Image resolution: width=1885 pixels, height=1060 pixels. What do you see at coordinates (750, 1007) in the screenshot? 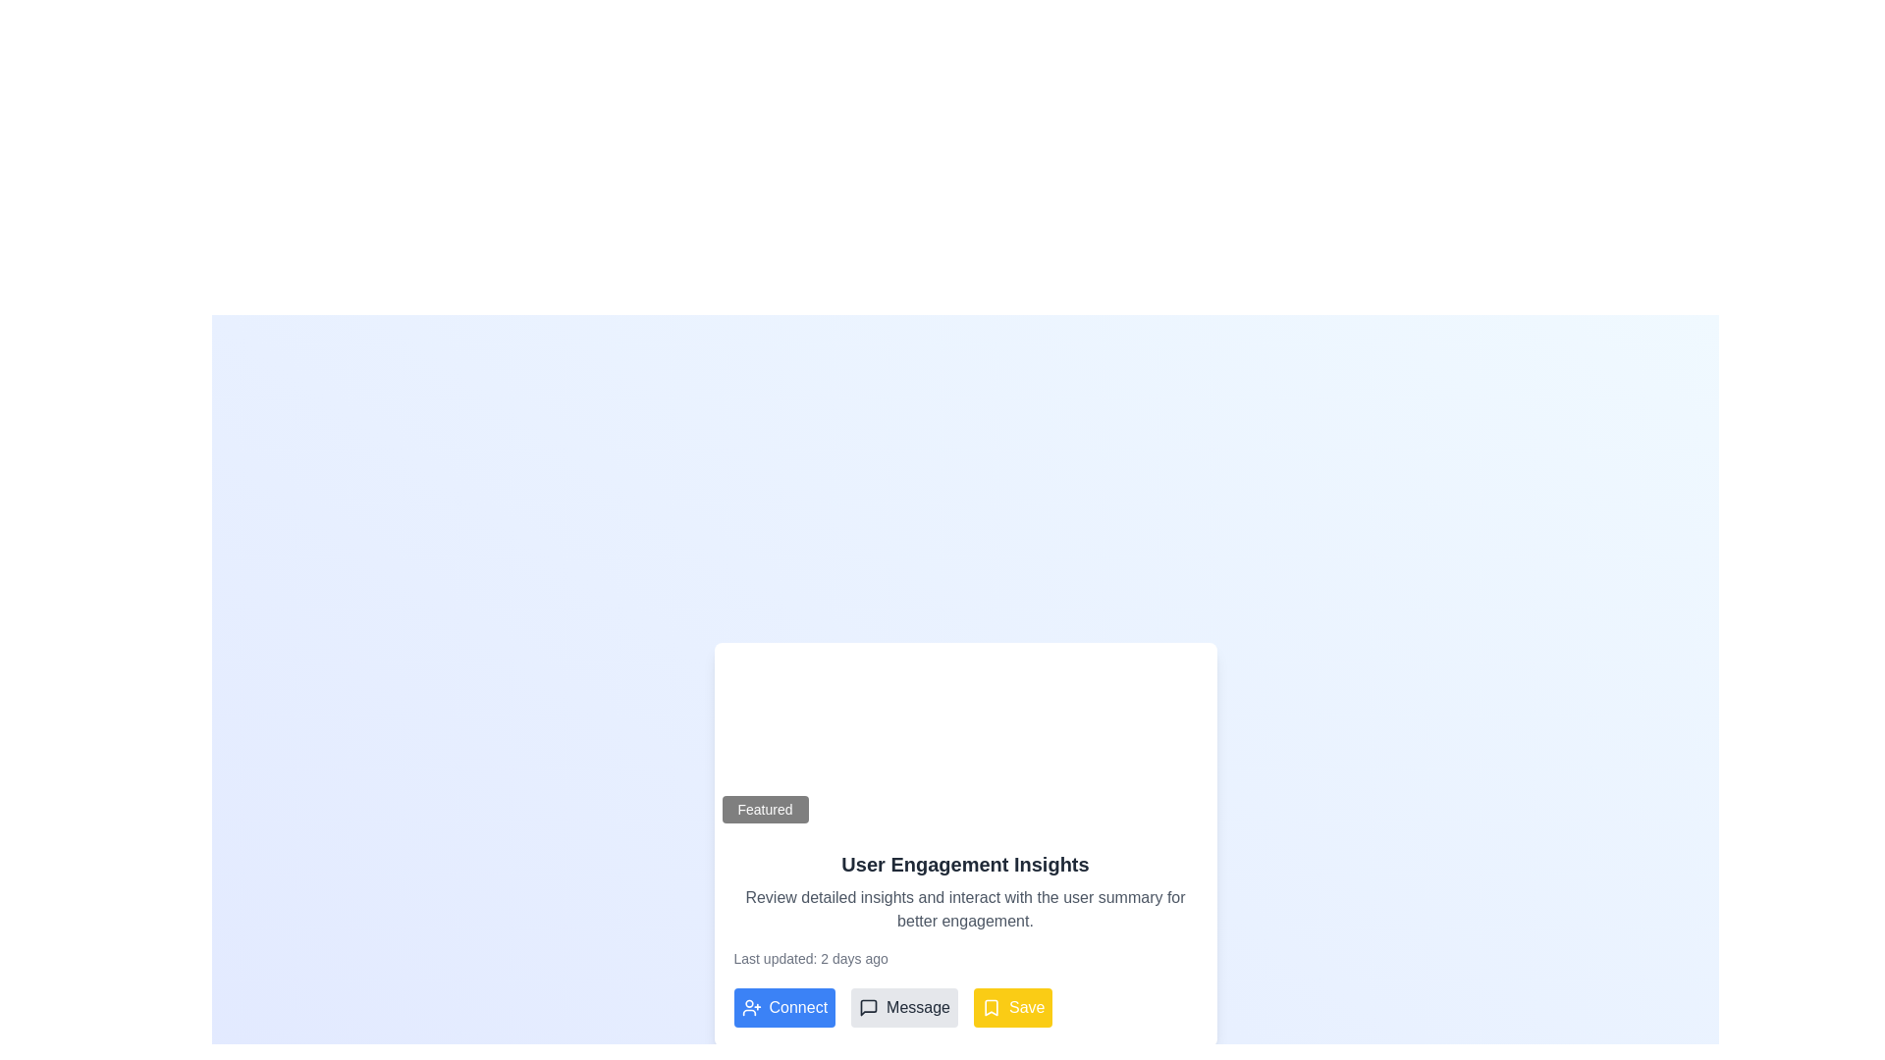
I see `the 'Connect' icon located inside the button at the bottom left of the card element` at bounding box center [750, 1007].